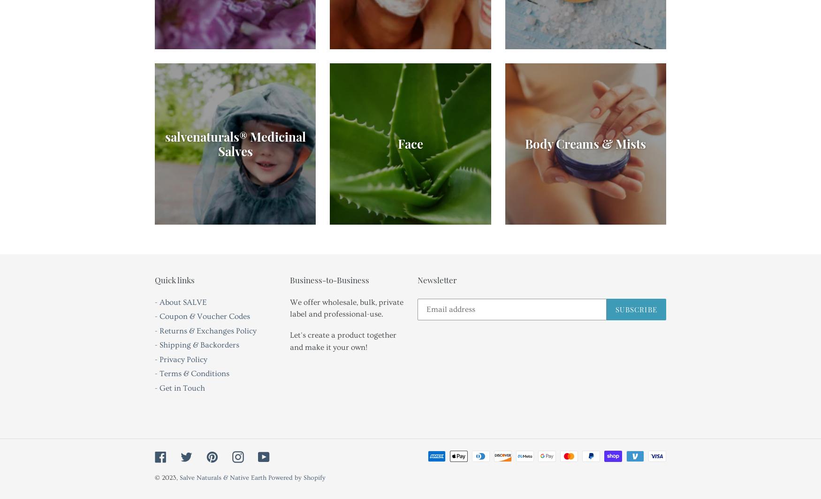 Image resolution: width=821 pixels, height=499 pixels. Describe the element at coordinates (296, 477) in the screenshot. I see `'Powered by Shopify'` at that location.